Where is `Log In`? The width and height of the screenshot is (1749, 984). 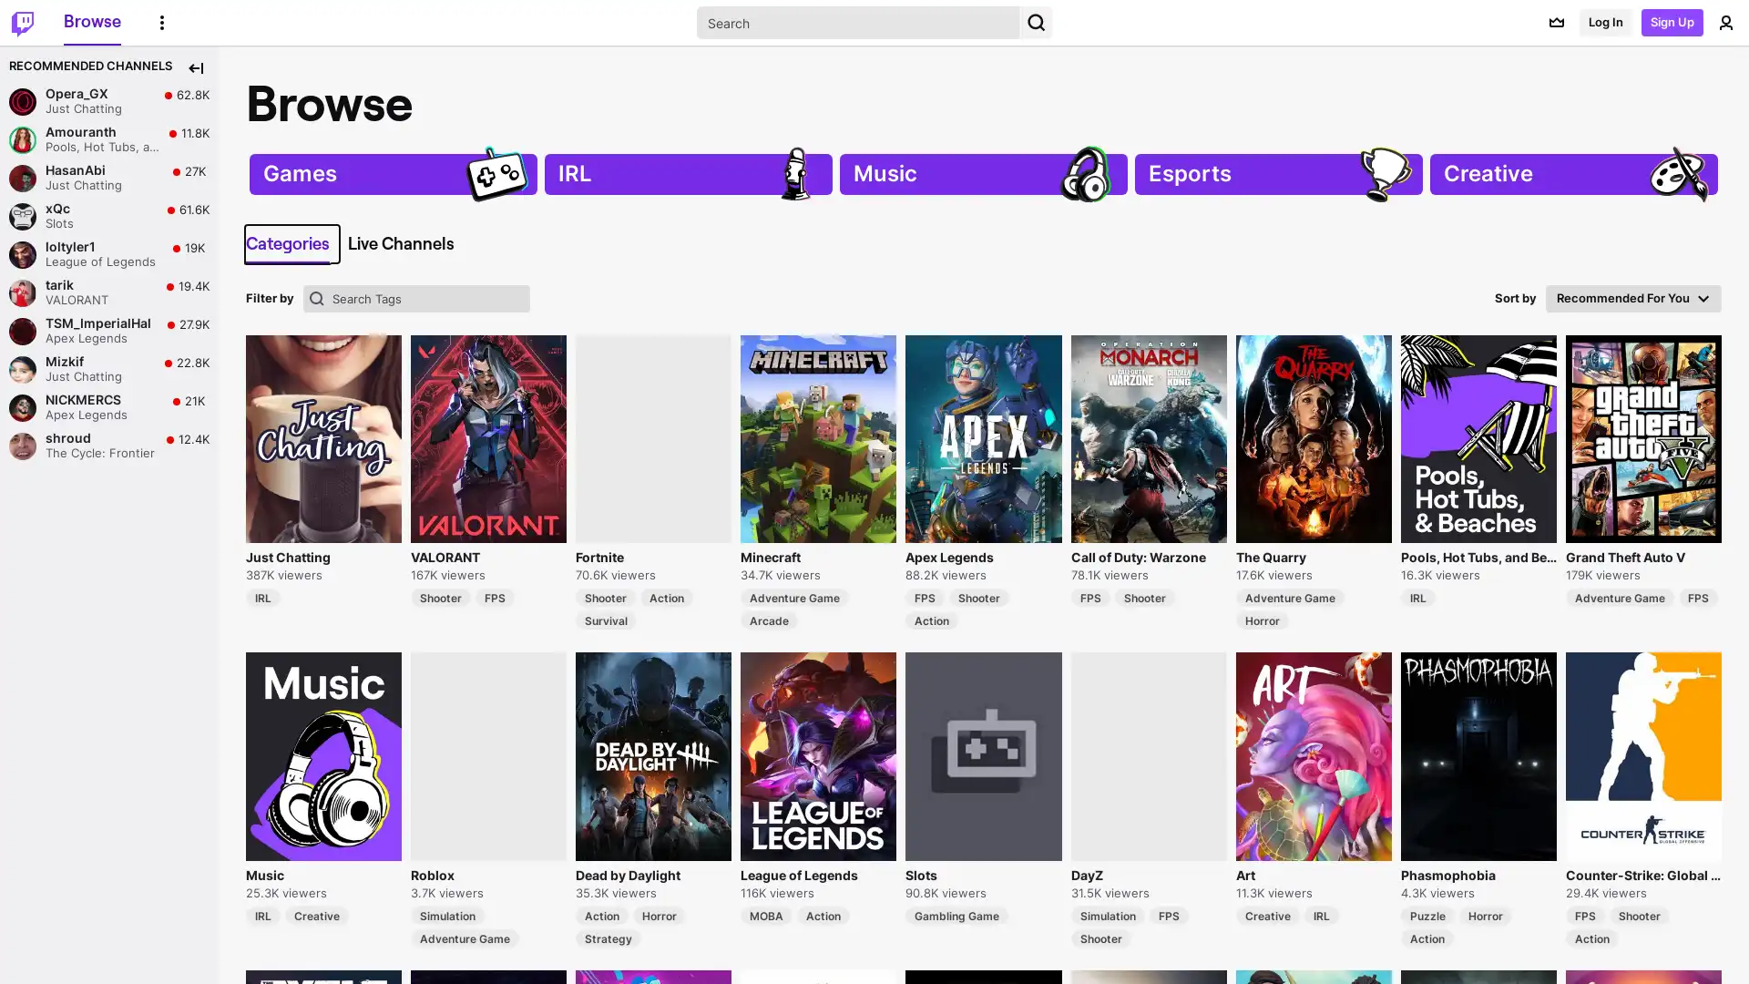 Log In is located at coordinates (1605, 22).